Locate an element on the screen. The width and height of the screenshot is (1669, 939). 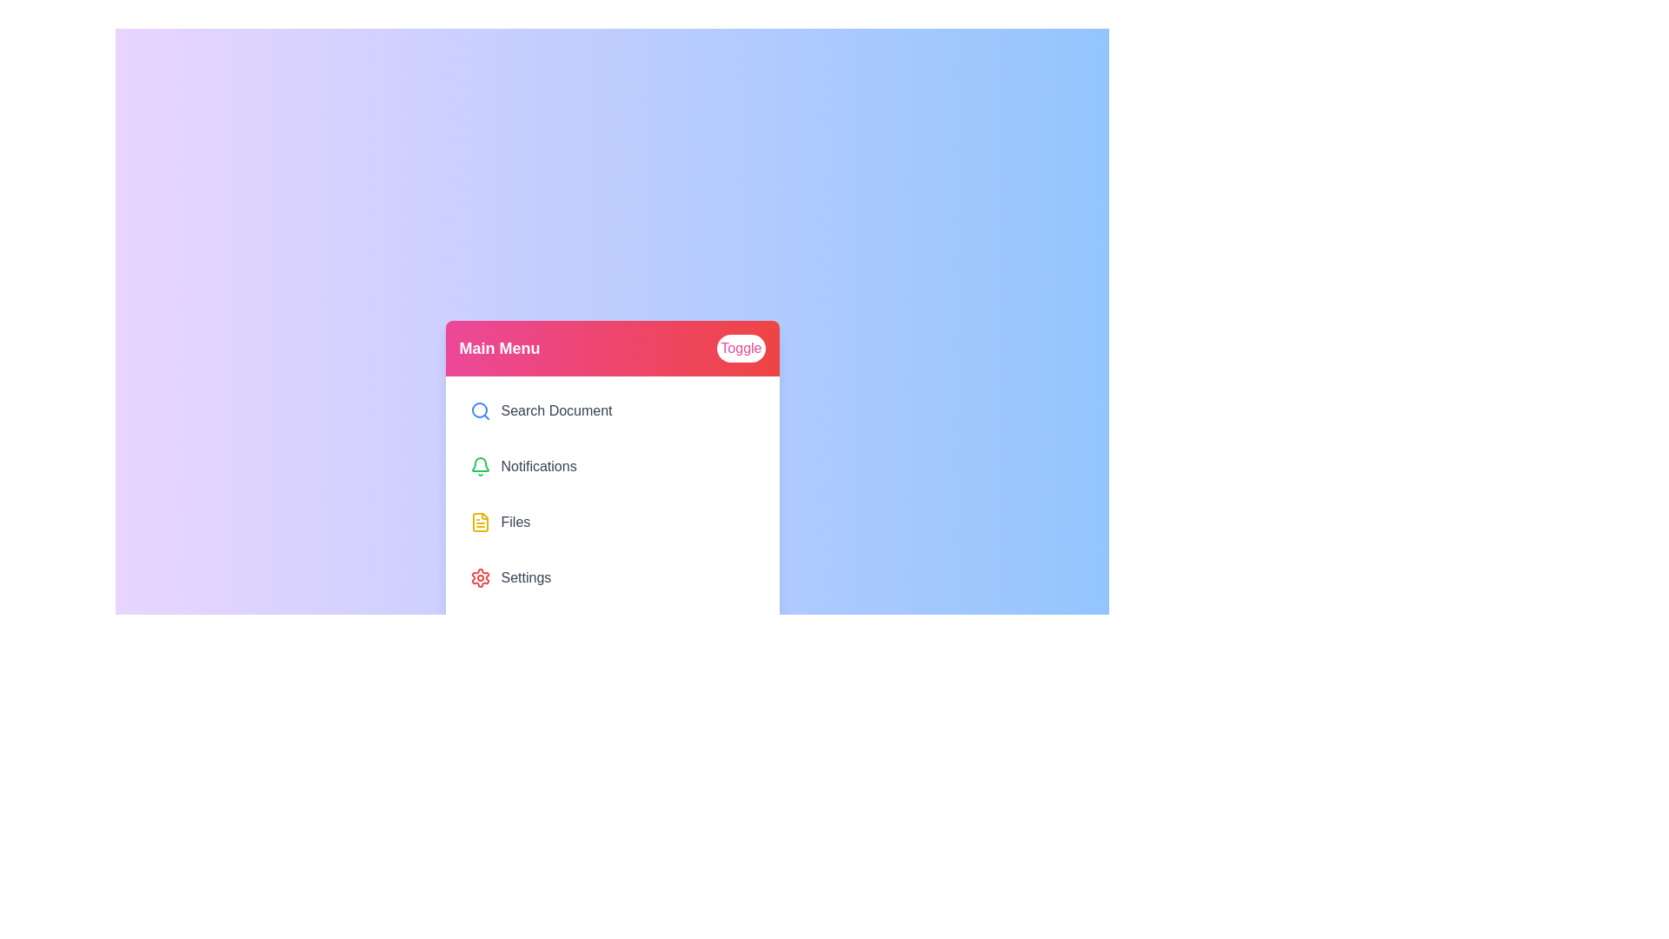
the menu item labeled 'Settings' to observe its hover effect is located at coordinates (612, 577).